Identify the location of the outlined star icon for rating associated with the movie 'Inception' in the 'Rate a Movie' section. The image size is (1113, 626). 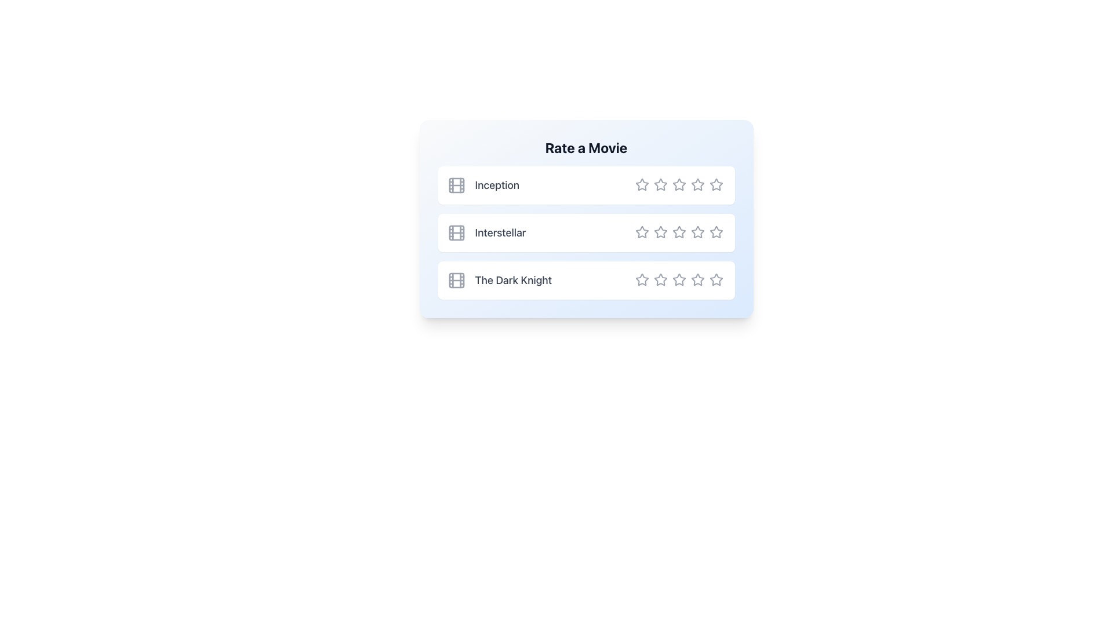
(641, 184).